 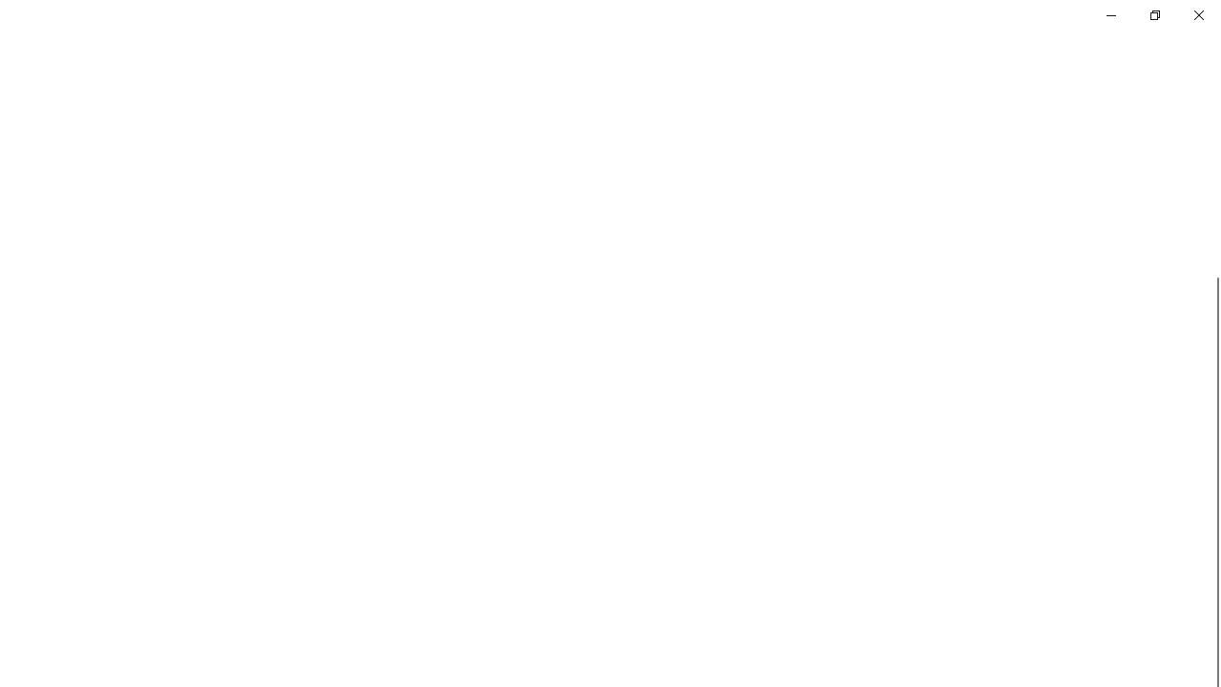 I want to click on 'Restore Settings', so click(x=1153, y=14).